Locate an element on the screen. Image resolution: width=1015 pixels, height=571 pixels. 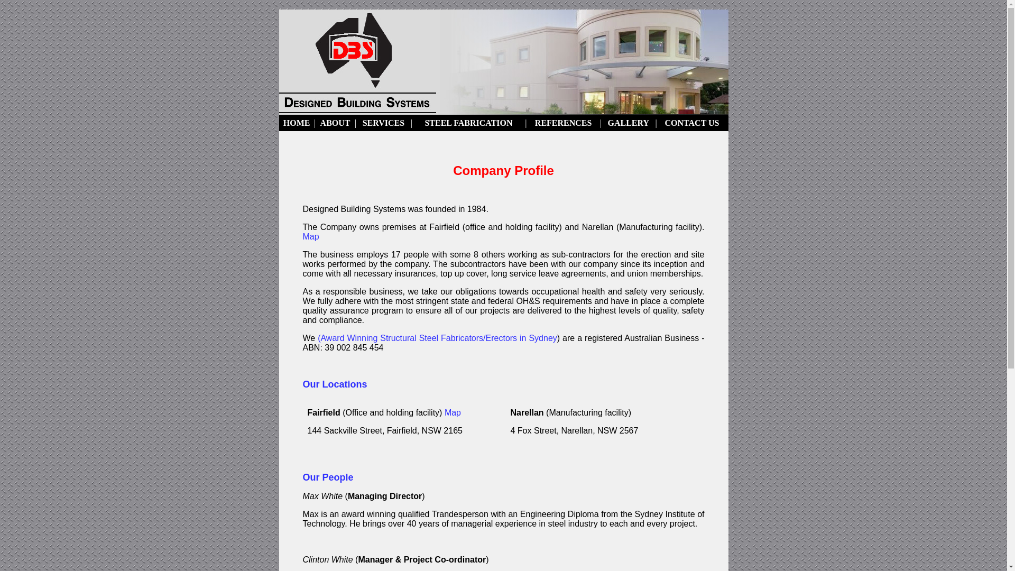
'REFERENCES' is located at coordinates (562, 122).